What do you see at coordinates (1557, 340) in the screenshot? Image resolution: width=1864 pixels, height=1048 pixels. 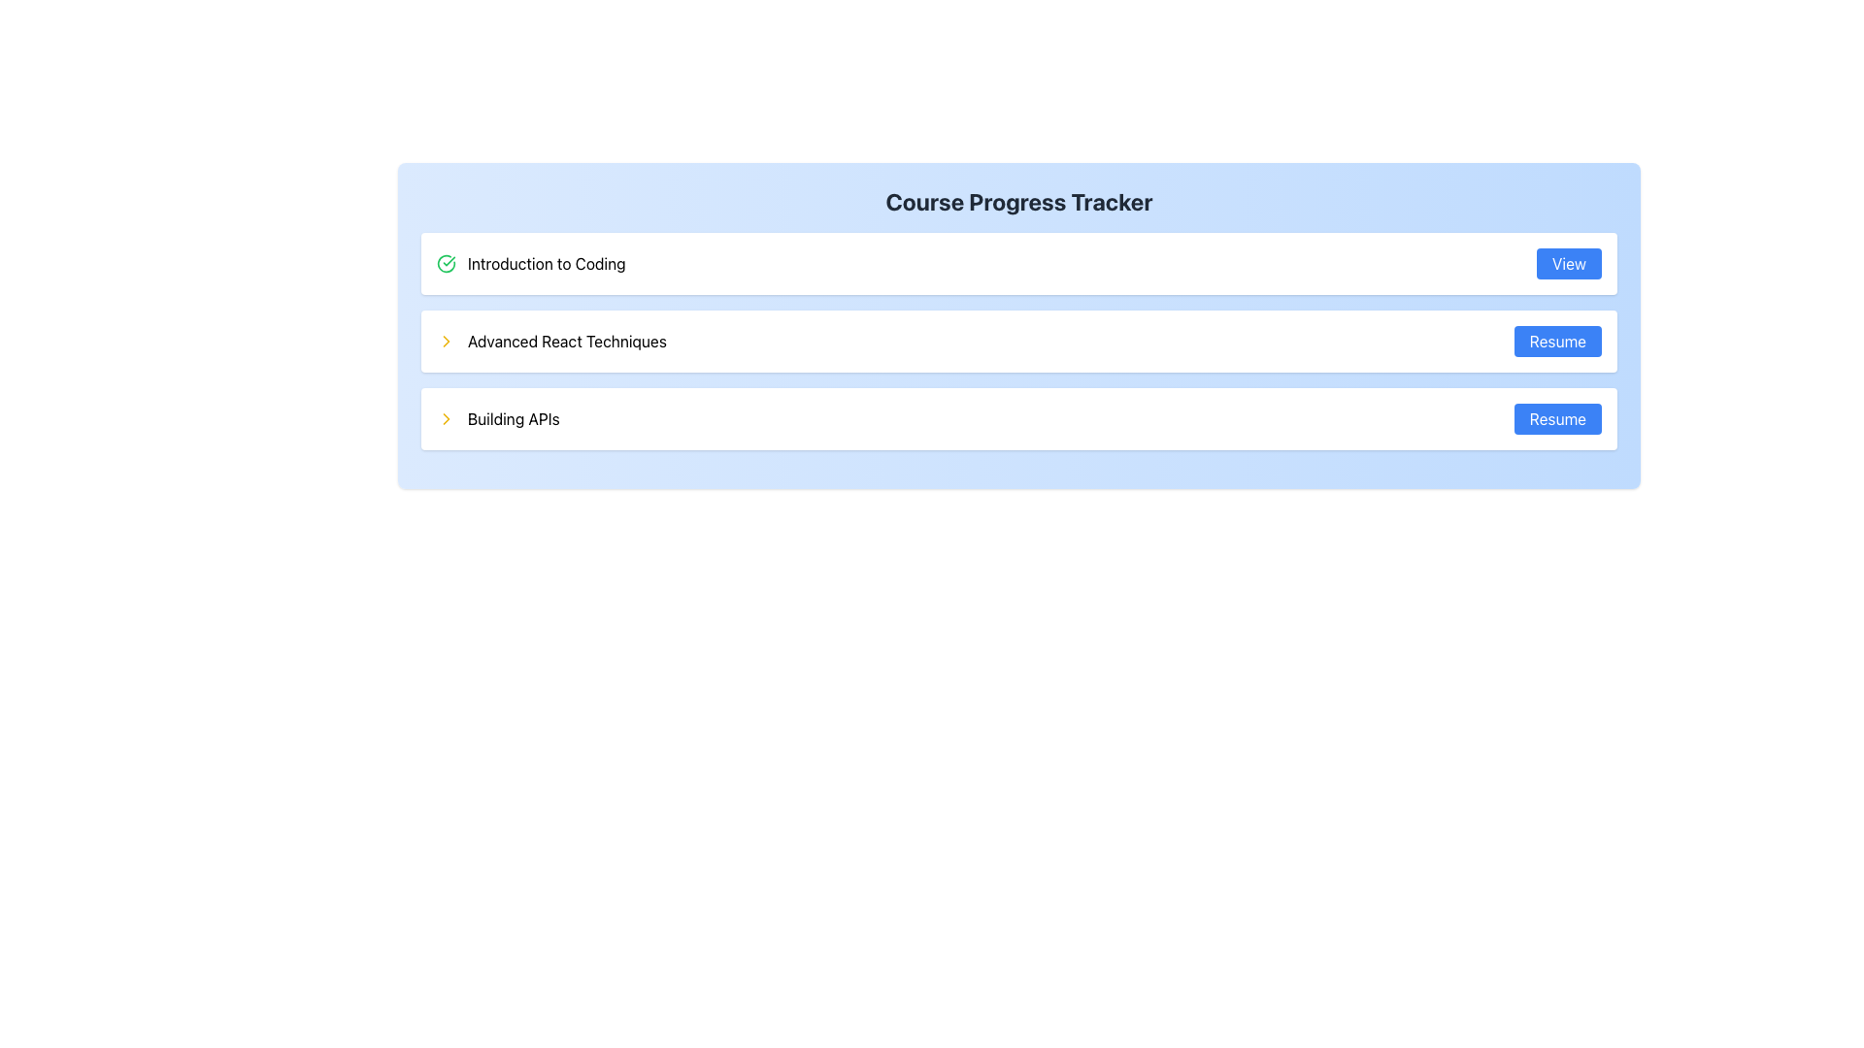 I see `the 'Resume' button located in the 'Advanced React Techniques' section` at bounding box center [1557, 340].